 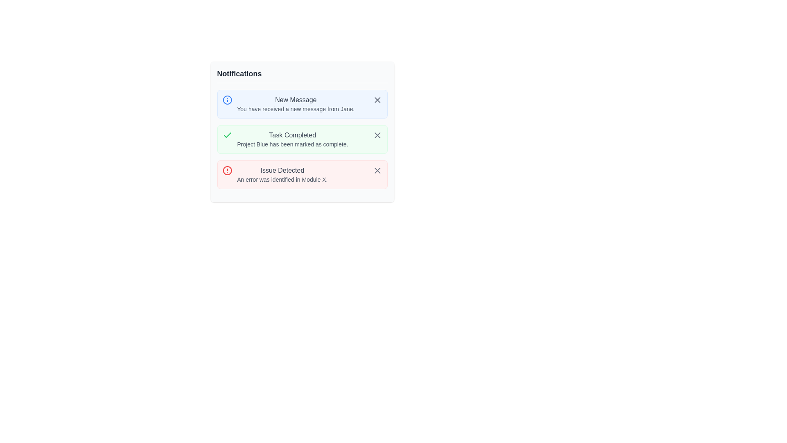 I want to click on the text element that displays 'Issue Detected' in bold dark gray, located within a red-bordered box at the bottom of the notifications panel, so click(x=282, y=174).